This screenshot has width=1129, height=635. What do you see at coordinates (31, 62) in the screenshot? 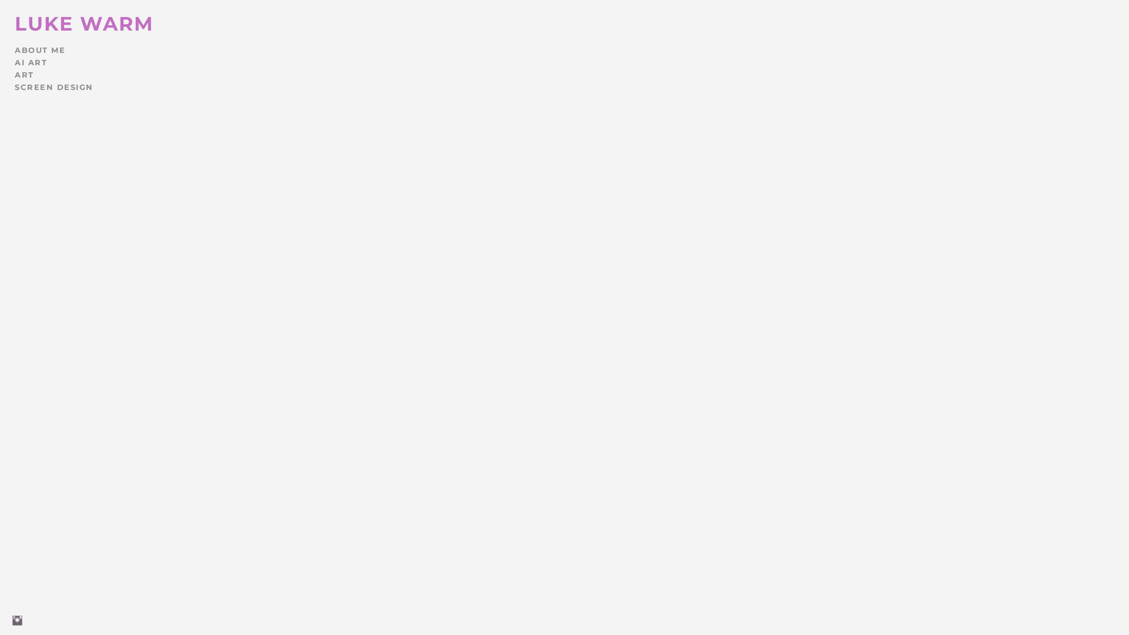
I see `'AI ART'` at bounding box center [31, 62].